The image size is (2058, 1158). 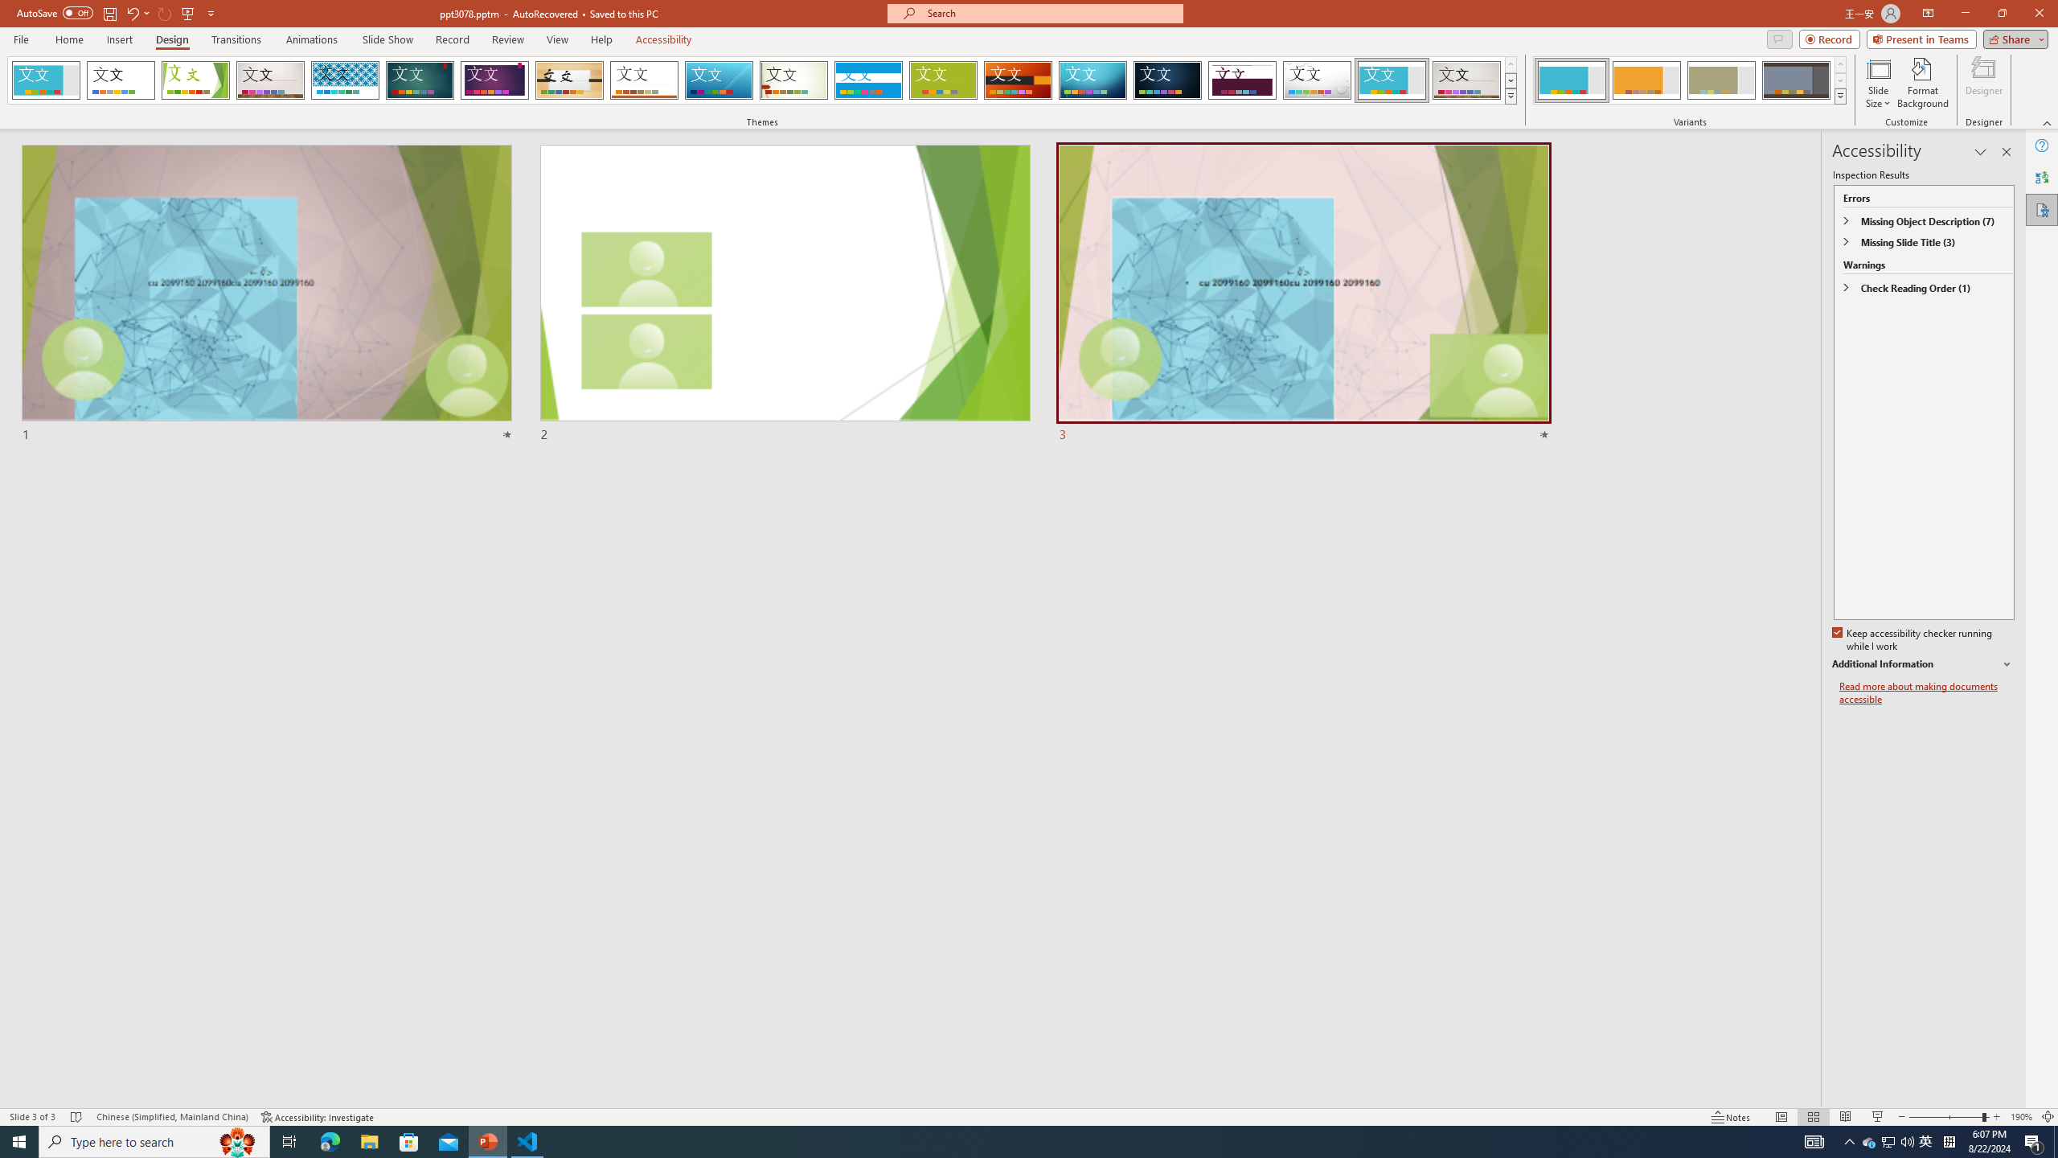 What do you see at coordinates (1392, 80) in the screenshot?
I see `'Frame'` at bounding box center [1392, 80].